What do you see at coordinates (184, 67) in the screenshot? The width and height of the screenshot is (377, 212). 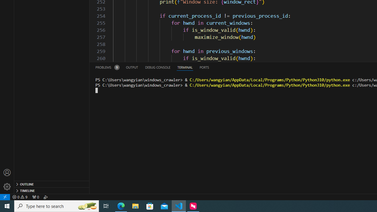 I see `'Terminal (Ctrl+`)'` at bounding box center [184, 67].